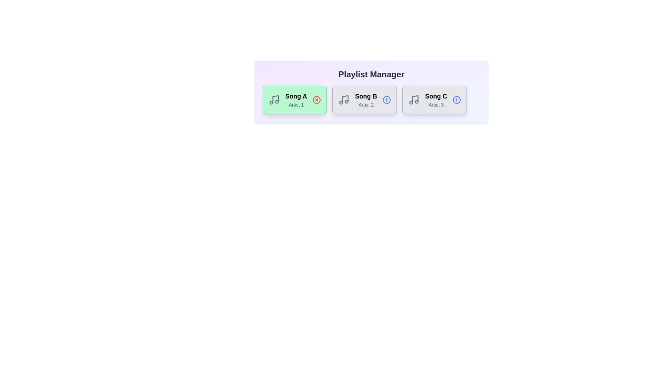 The width and height of the screenshot is (669, 376). Describe the element at coordinates (434, 100) in the screenshot. I see `the song card for Song C to observe the hover effect` at that location.